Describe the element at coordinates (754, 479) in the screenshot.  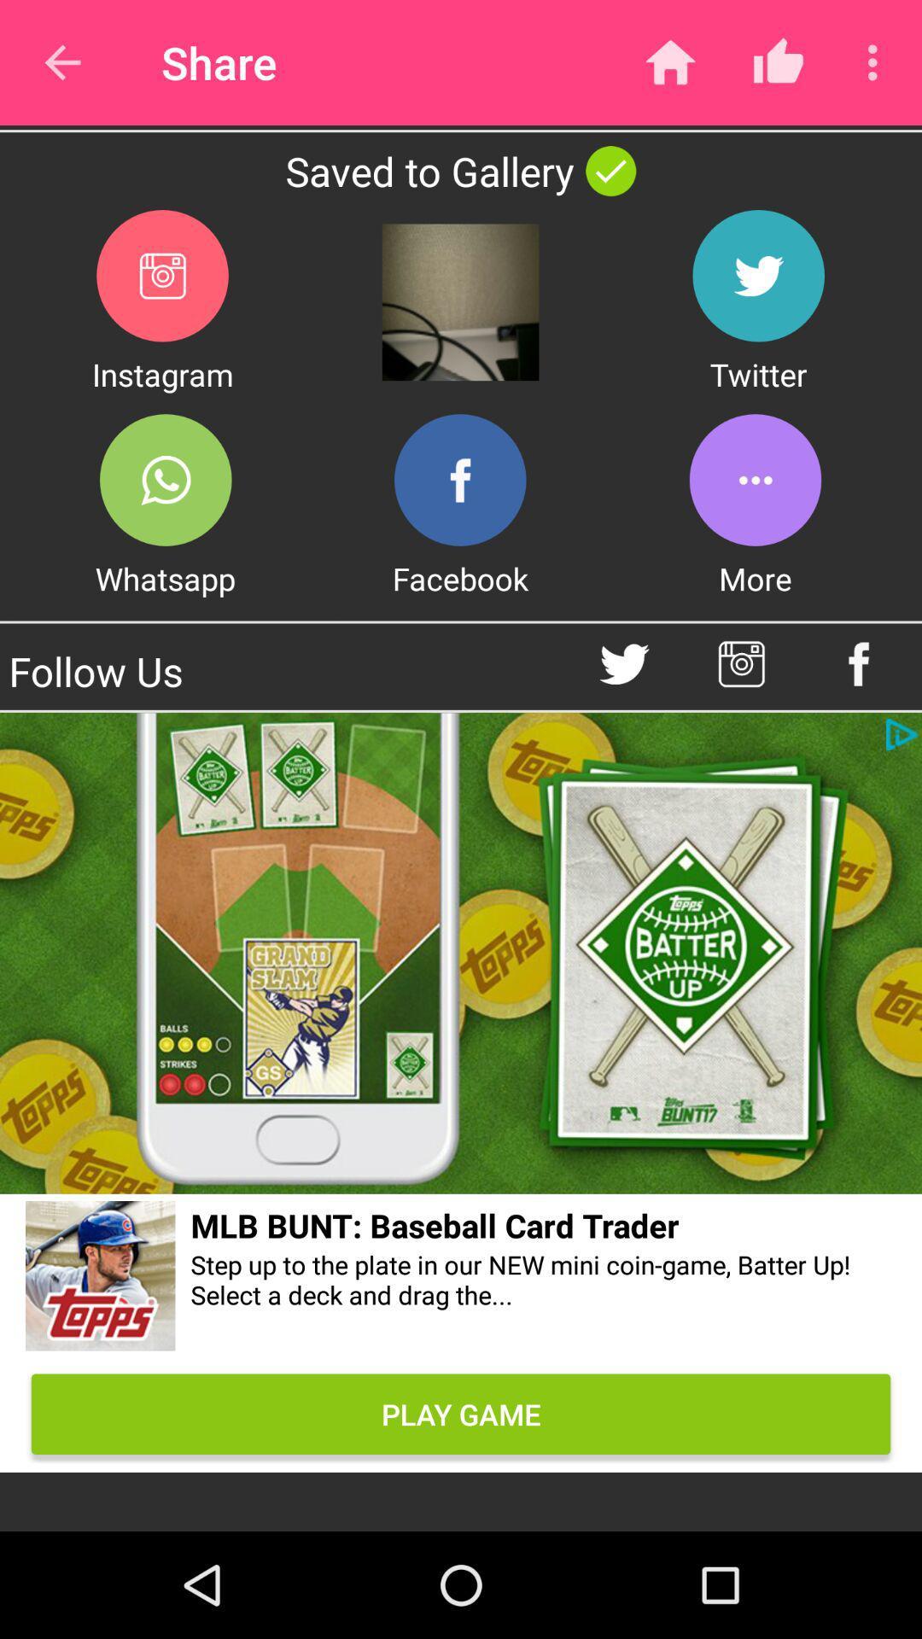
I see `more menu` at that location.